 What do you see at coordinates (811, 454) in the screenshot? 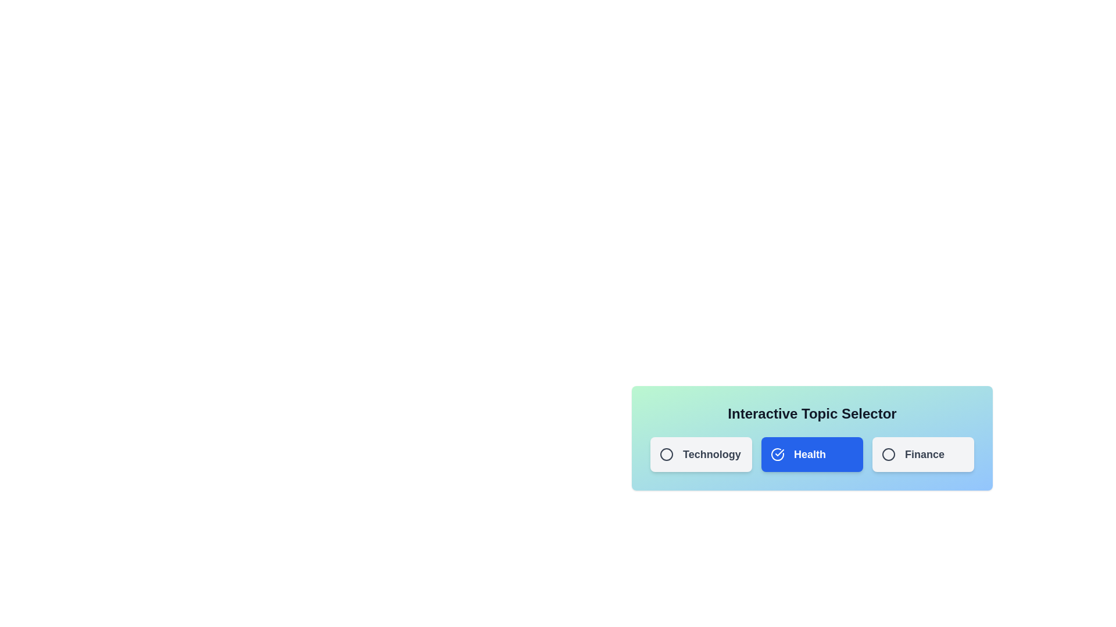
I see `the topic Health` at bounding box center [811, 454].